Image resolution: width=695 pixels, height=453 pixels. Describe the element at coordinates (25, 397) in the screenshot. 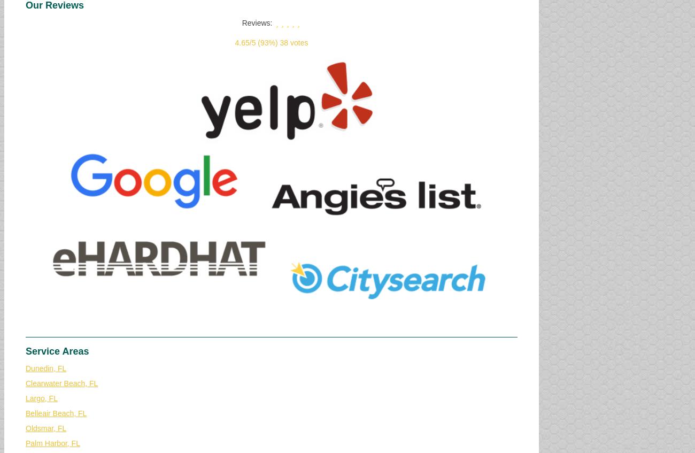

I see `'Largo, FL'` at that location.